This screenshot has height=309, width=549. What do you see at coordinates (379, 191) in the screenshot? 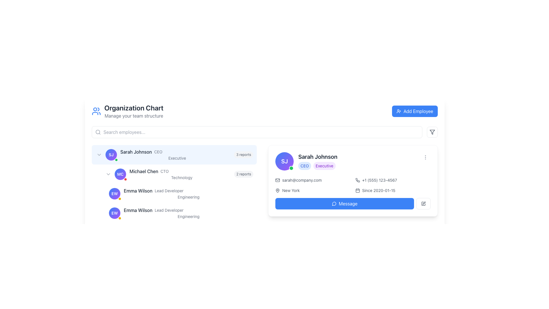
I see `the static text displaying the date of user association with the organization, which is located in the lower part of the user information card, next to a small calendar icon` at bounding box center [379, 191].